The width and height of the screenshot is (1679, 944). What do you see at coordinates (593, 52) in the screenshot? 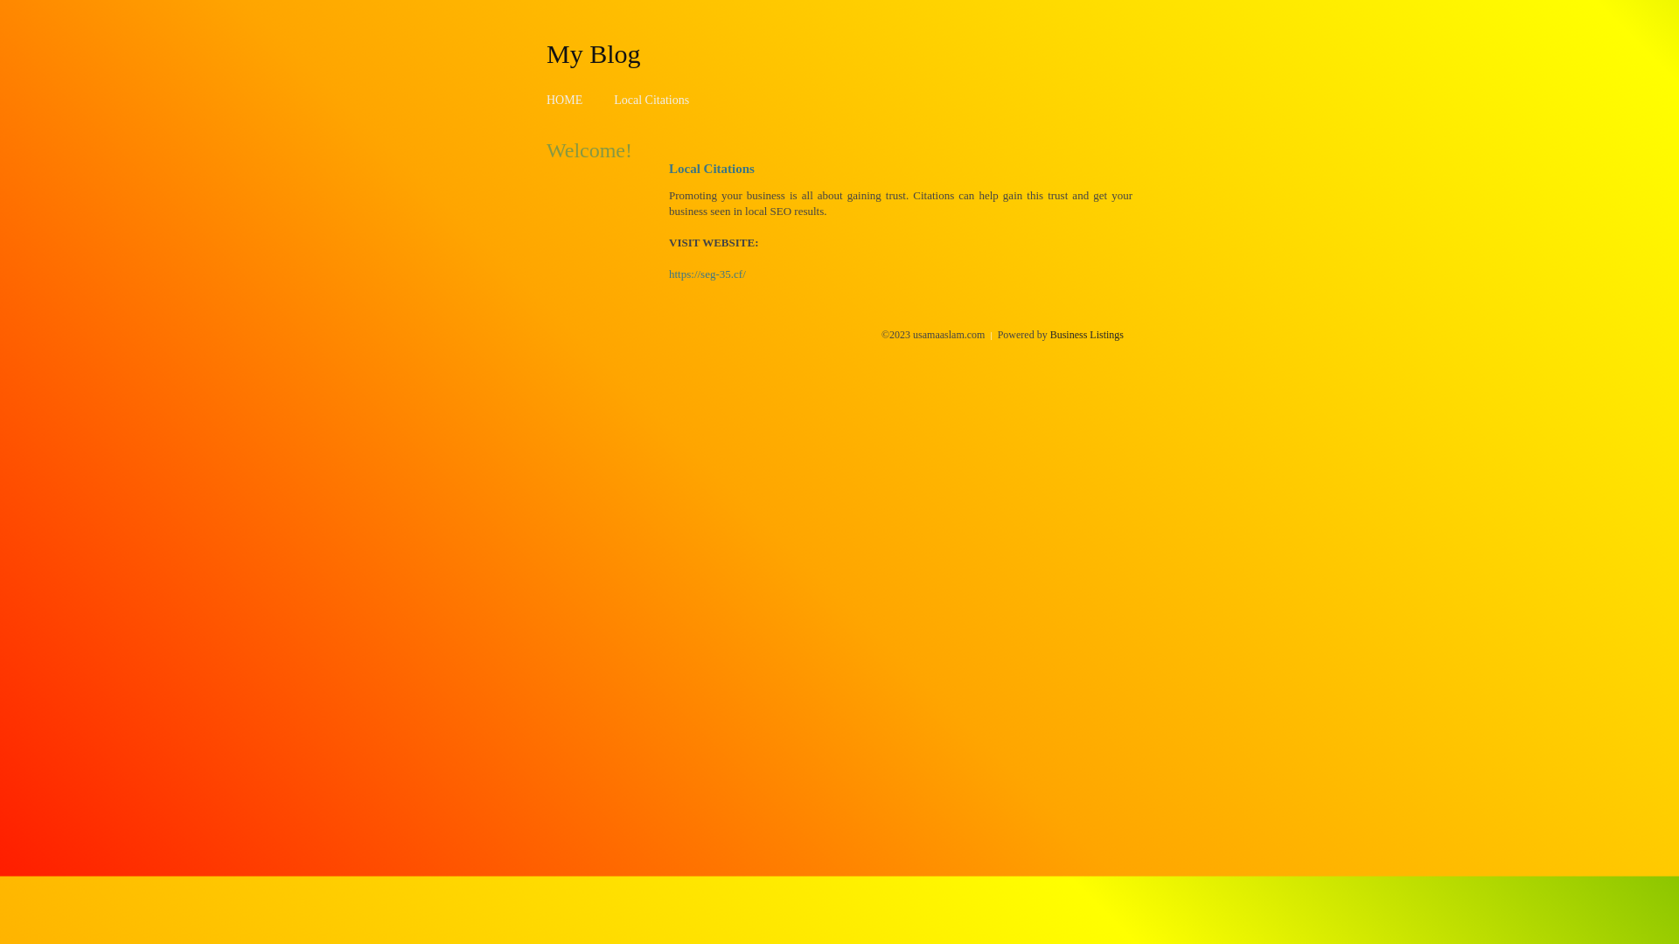
I see `'My Blog'` at bounding box center [593, 52].